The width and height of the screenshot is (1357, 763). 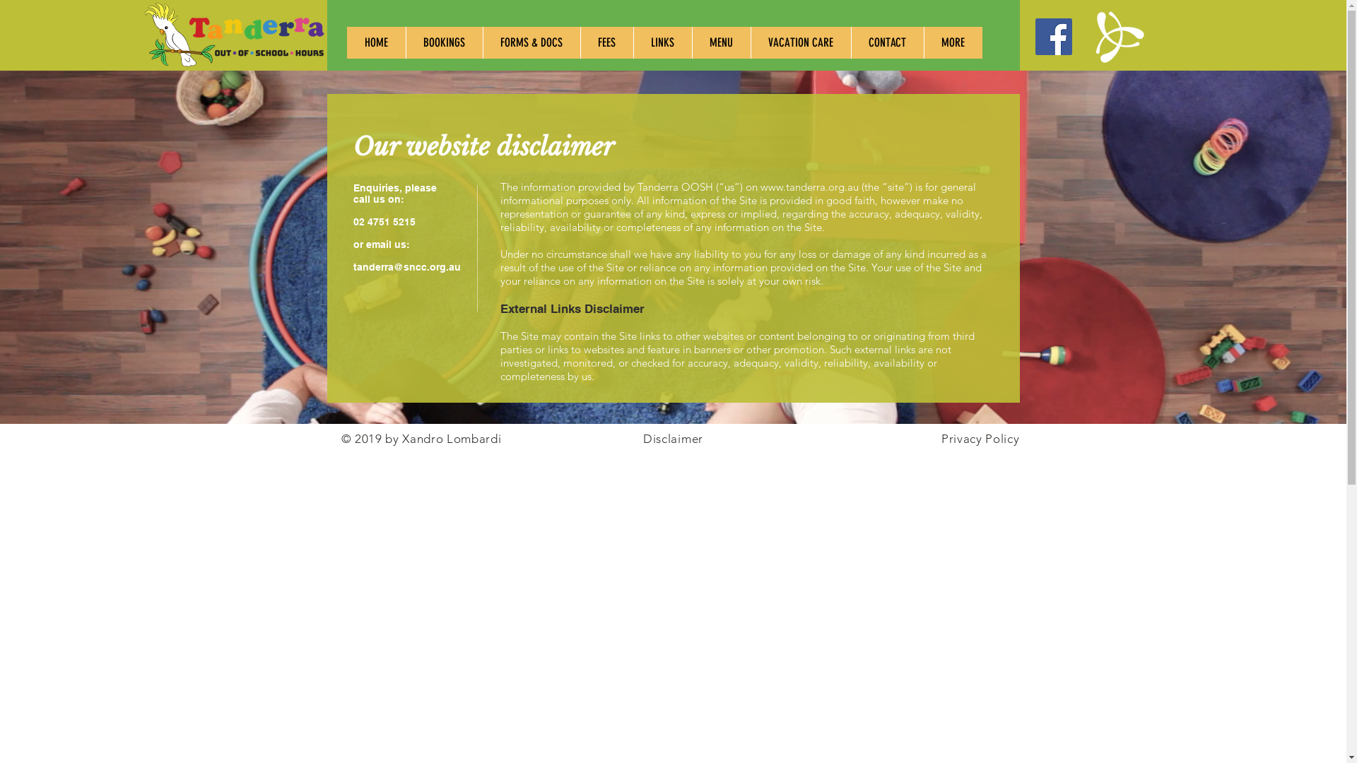 What do you see at coordinates (759, 186) in the screenshot?
I see `'www.tanderra.org.au'` at bounding box center [759, 186].